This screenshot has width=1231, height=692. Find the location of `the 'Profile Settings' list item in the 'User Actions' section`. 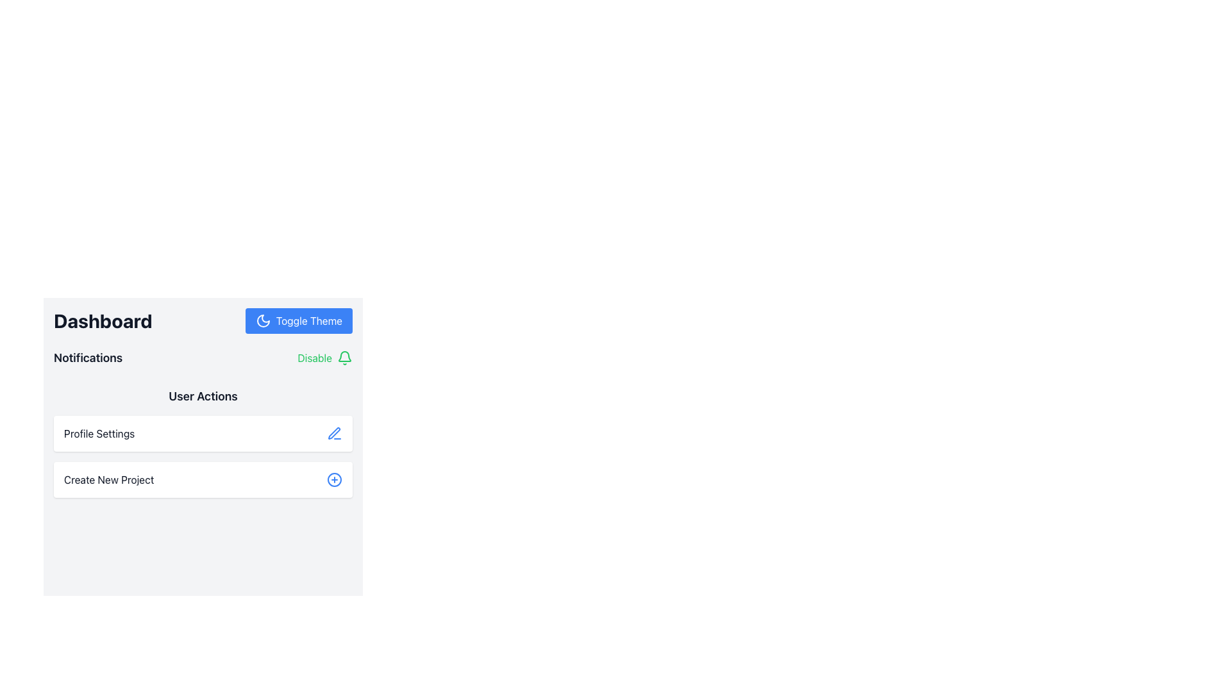

the 'Profile Settings' list item in the 'User Actions' section is located at coordinates (202, 441).